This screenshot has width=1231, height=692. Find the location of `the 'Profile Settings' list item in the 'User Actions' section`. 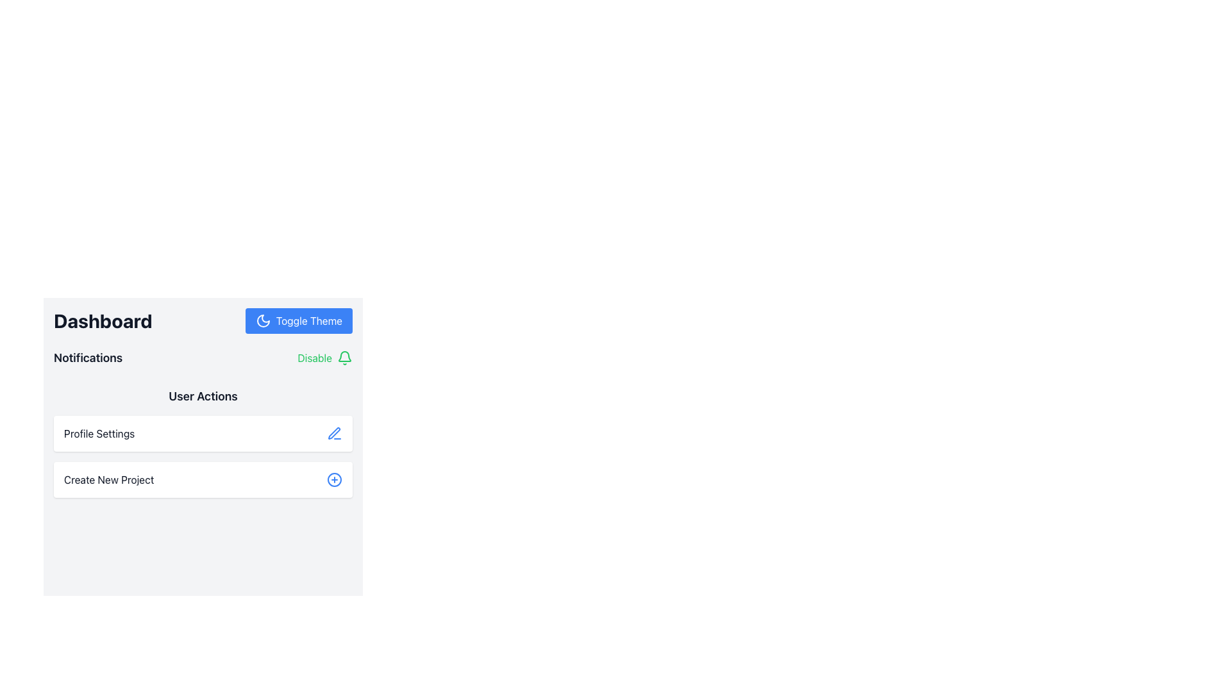

the 'Profile Settings' list item in the 'User Actions' section is located at coordinates (202, 441).